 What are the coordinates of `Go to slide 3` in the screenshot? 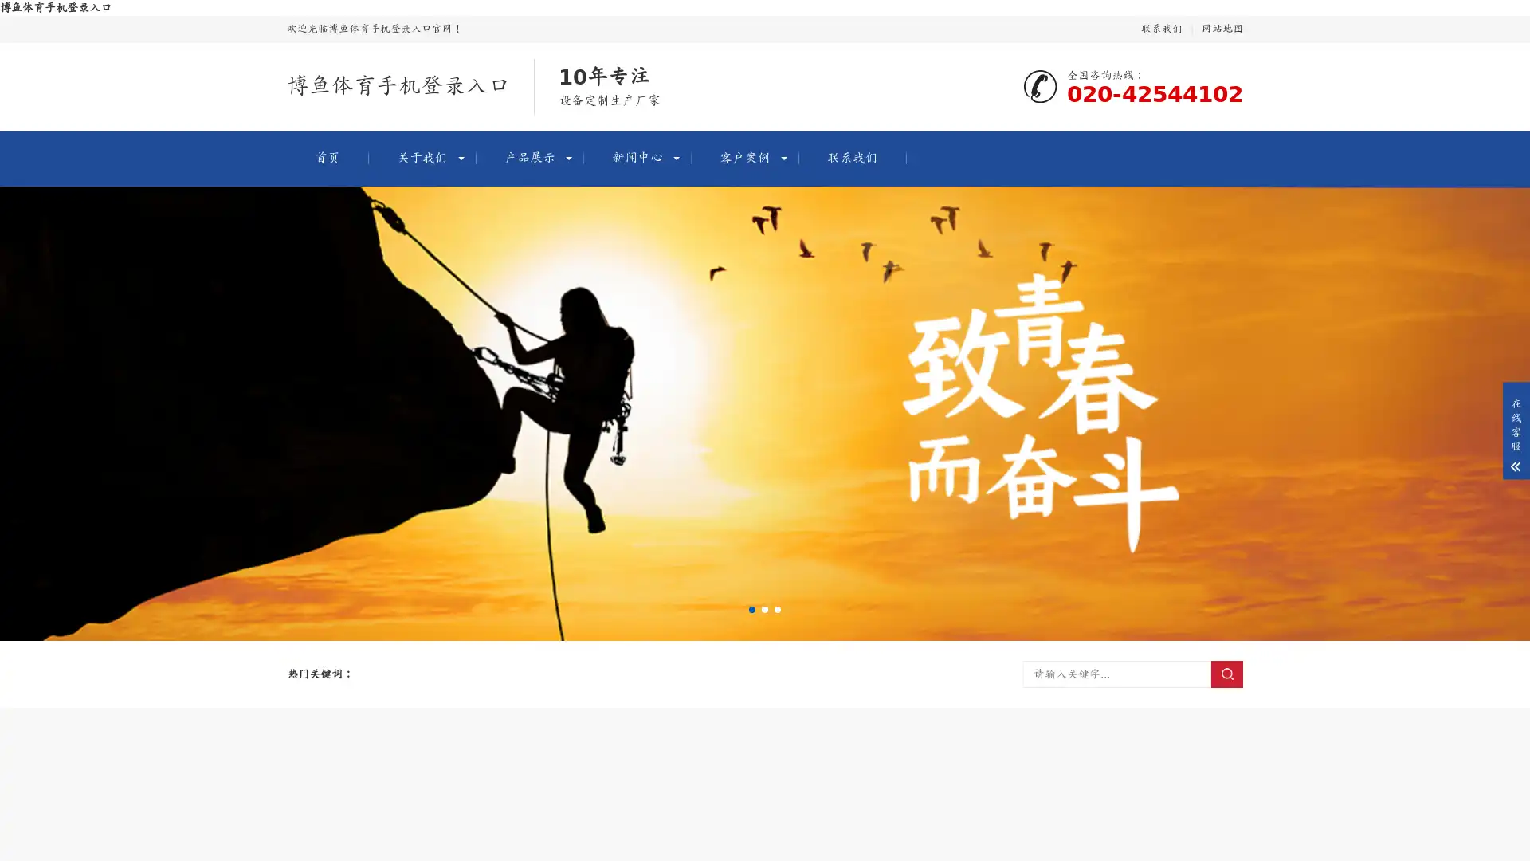 It's located at (777, 609).